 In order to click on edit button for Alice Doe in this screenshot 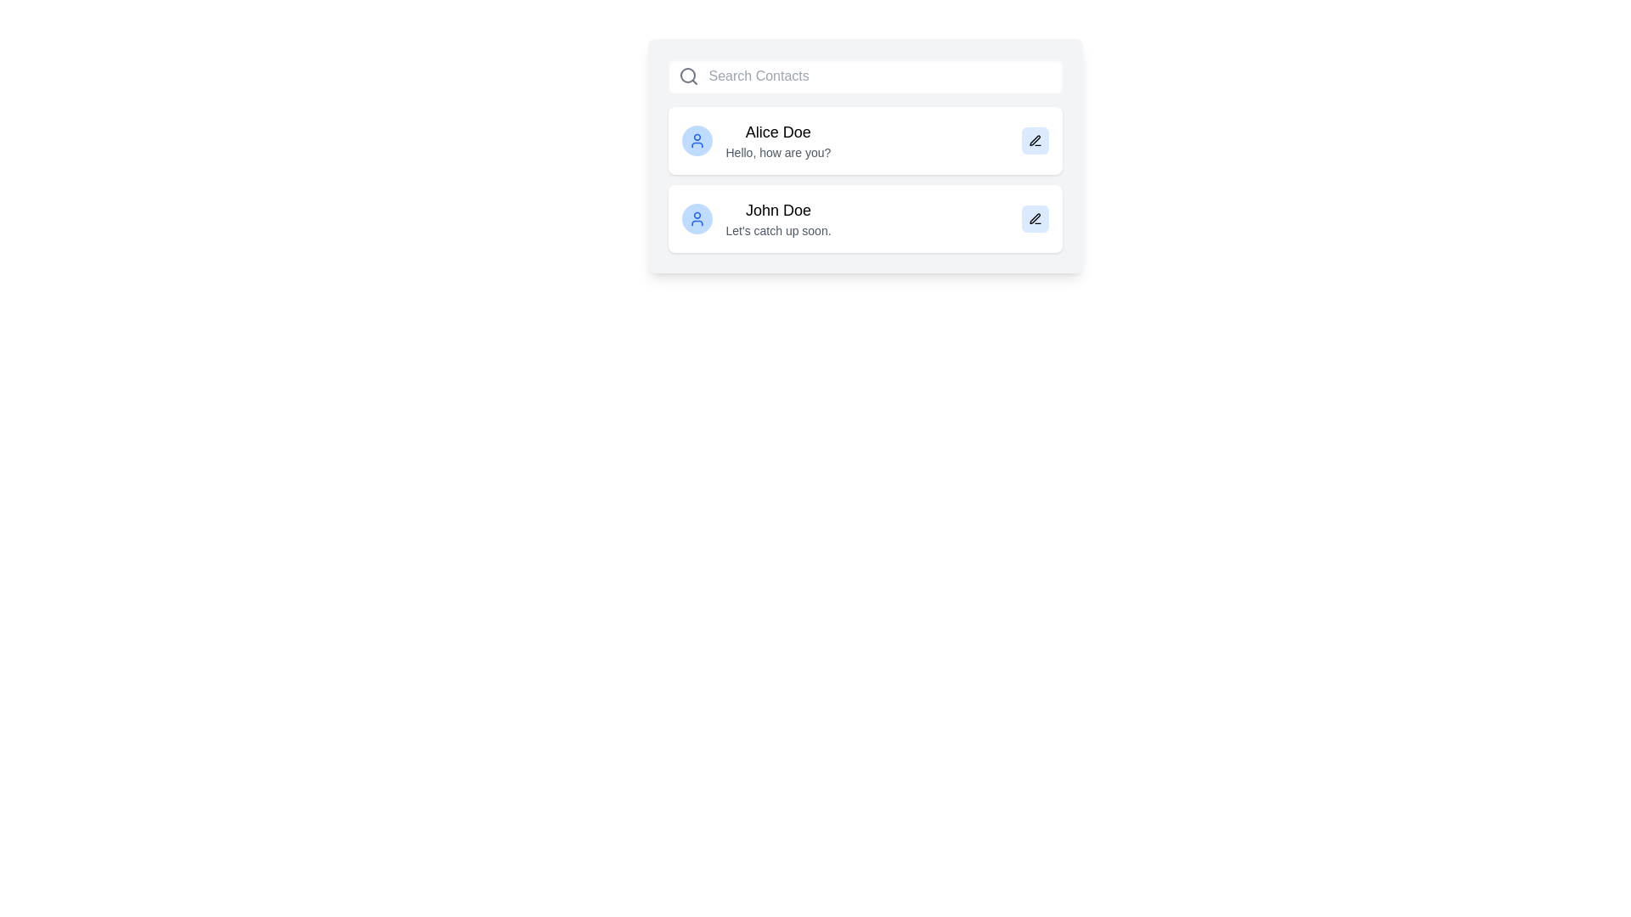, I will do `click(1034, 139)`.